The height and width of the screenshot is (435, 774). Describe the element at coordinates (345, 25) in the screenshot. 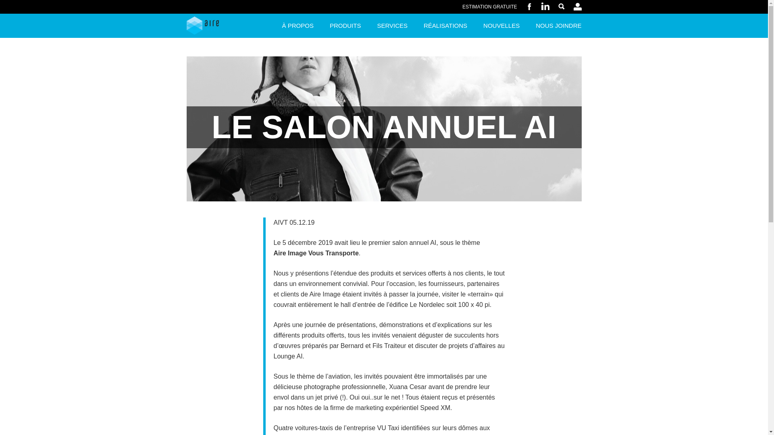

I see `'PRODUITS'` at that location.